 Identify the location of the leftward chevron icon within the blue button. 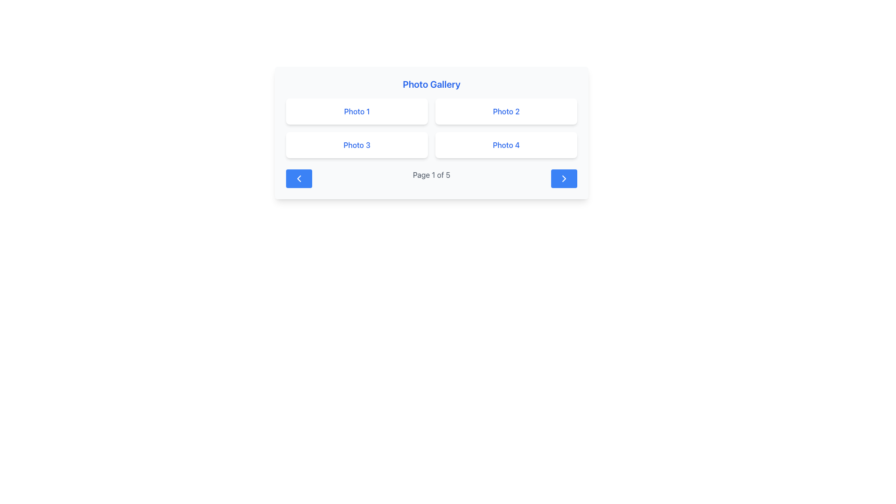
(299, 178).